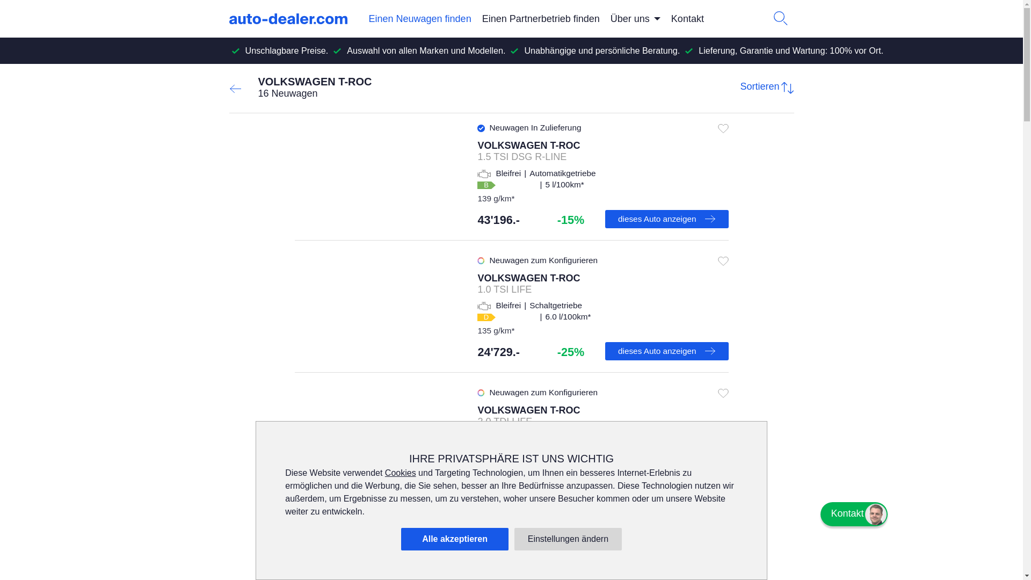 The image size is (1031, 580). Describe the element at coordinates (286, 50) in the screenshot. I see `'Unschlagbare Preise.'` at that location.